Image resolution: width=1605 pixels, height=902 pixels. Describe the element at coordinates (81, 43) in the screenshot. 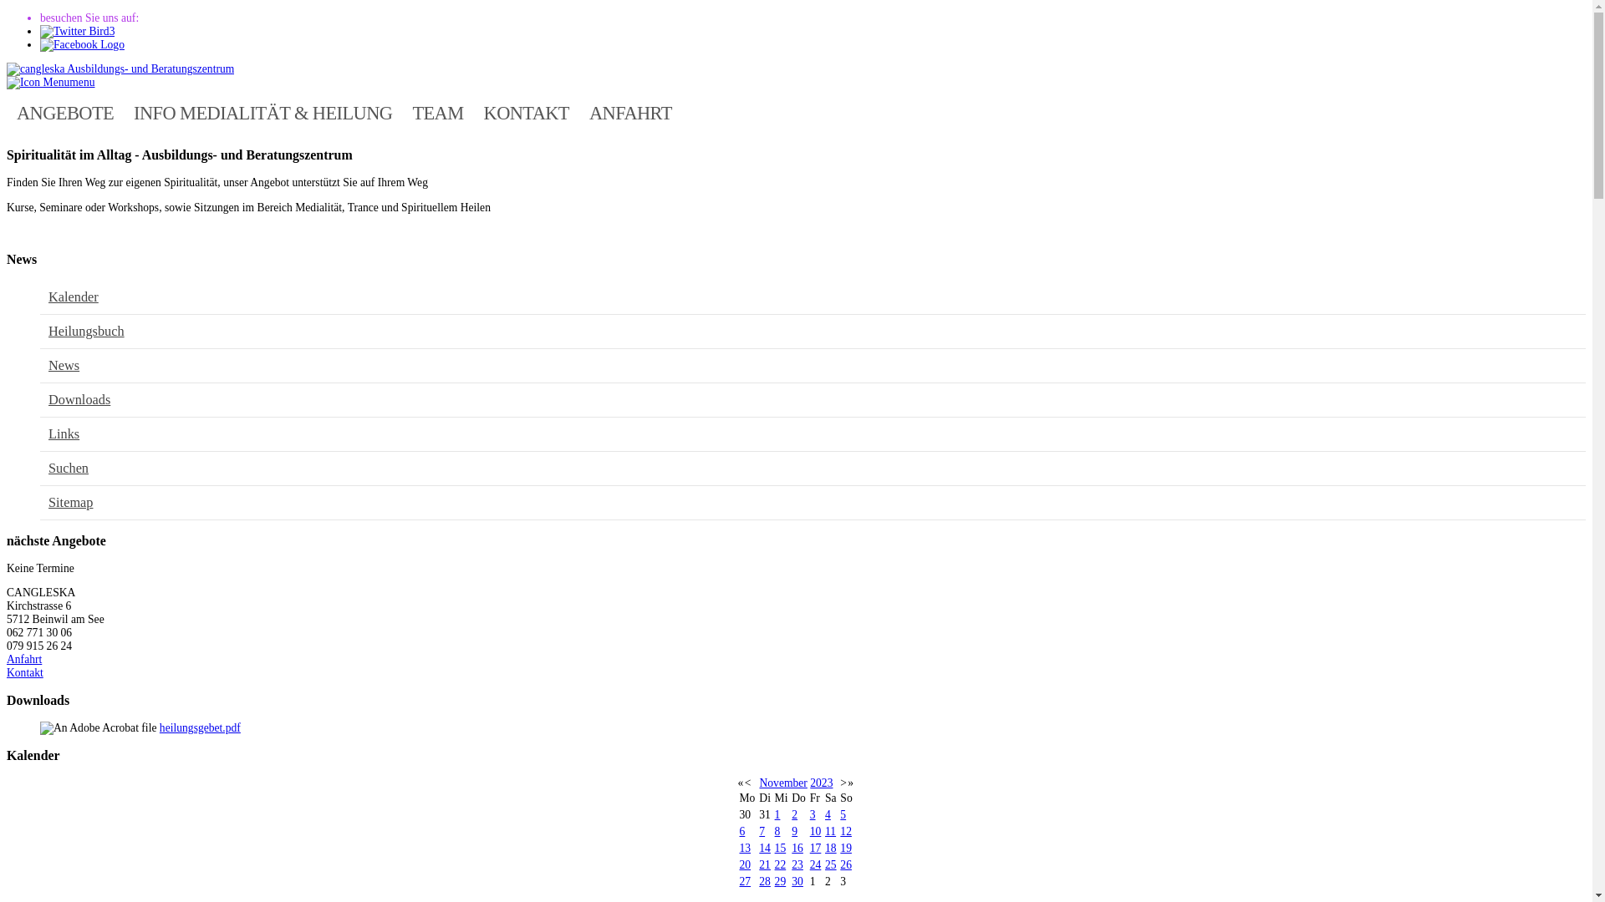

I see `'Facebook'` at that location.